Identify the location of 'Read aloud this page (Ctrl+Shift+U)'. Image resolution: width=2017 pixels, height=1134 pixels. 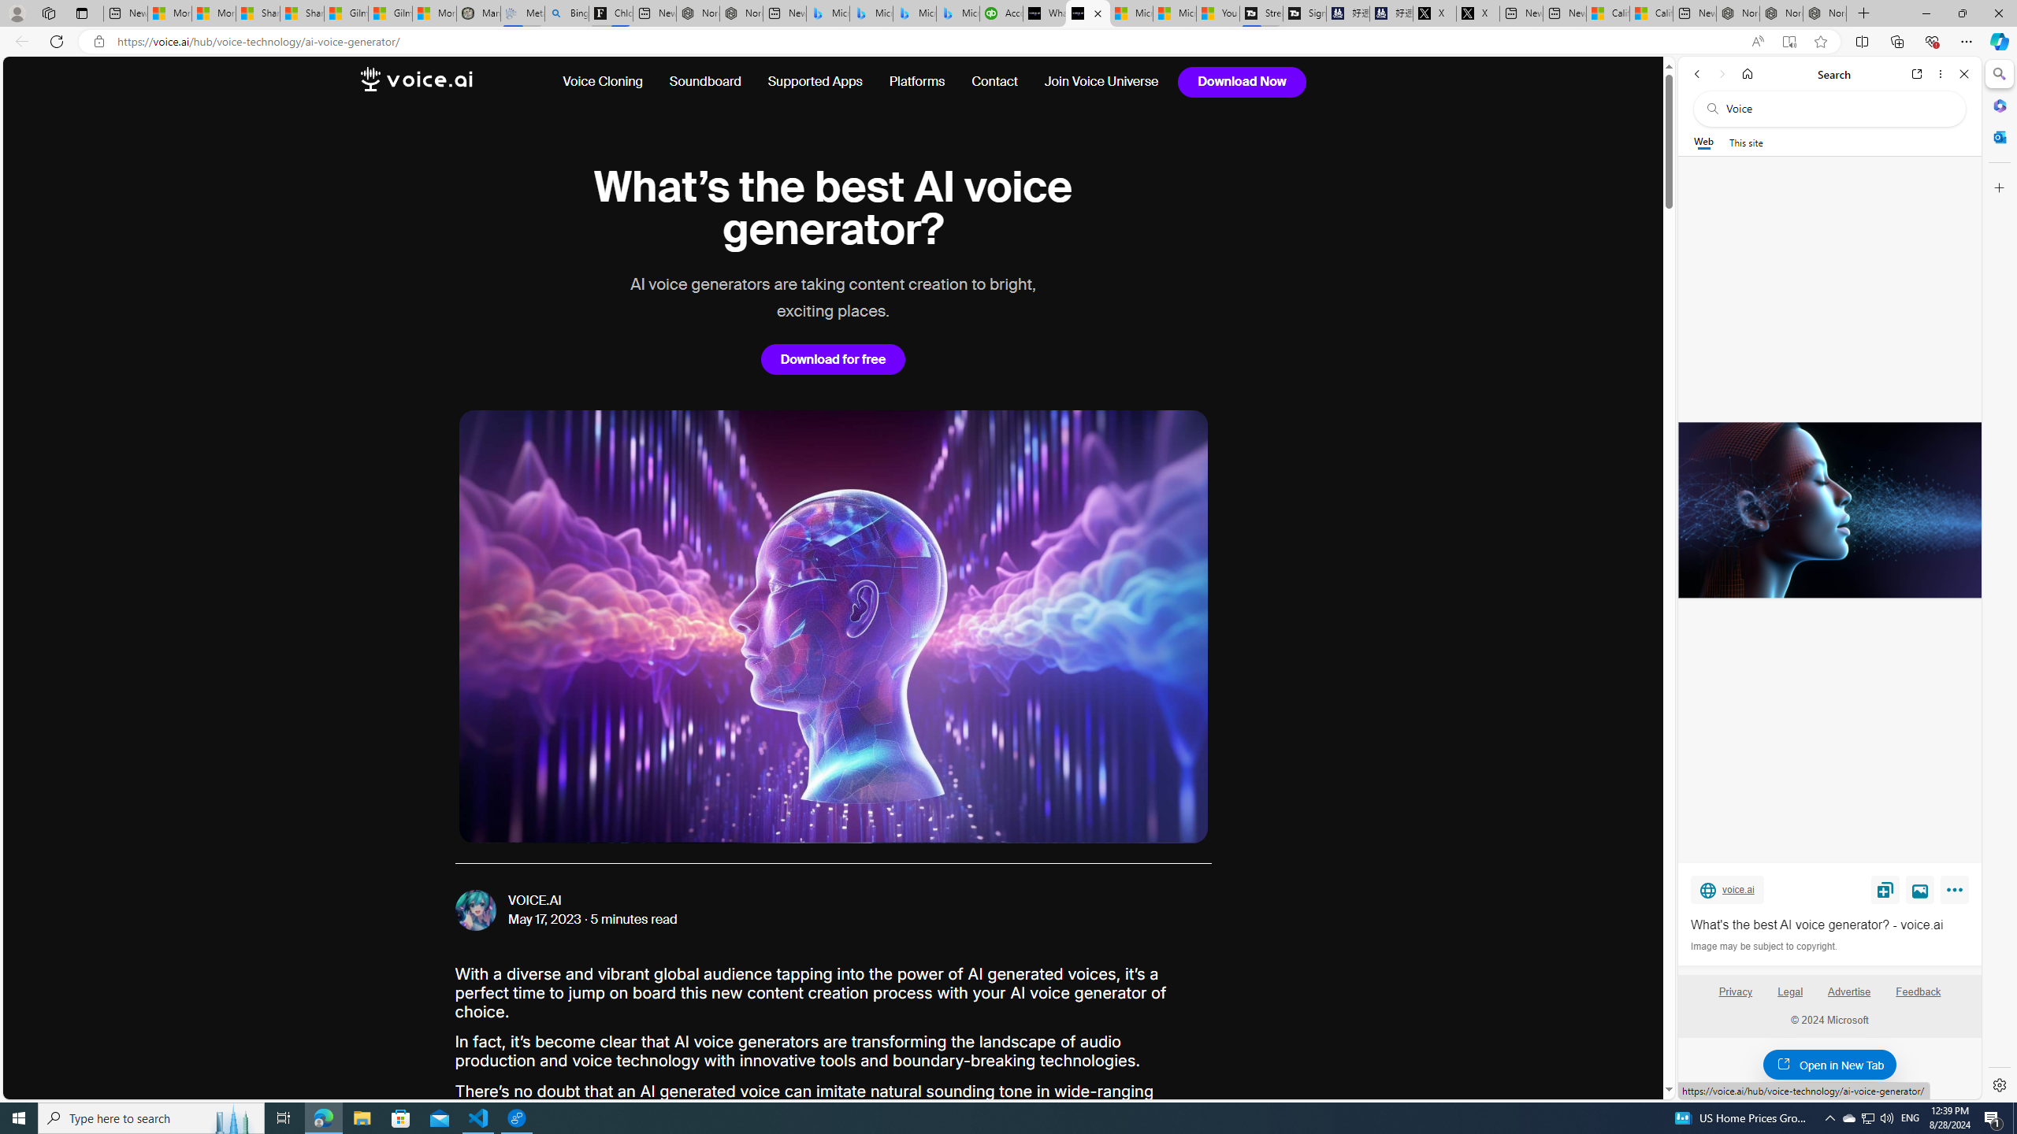
(1757, 42).